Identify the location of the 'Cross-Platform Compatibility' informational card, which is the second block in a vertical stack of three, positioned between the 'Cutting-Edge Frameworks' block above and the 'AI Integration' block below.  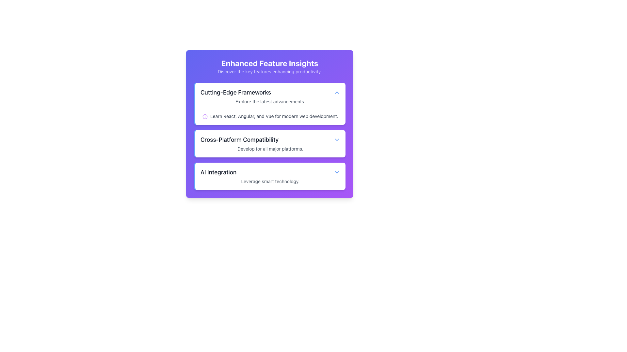
(269, 136).